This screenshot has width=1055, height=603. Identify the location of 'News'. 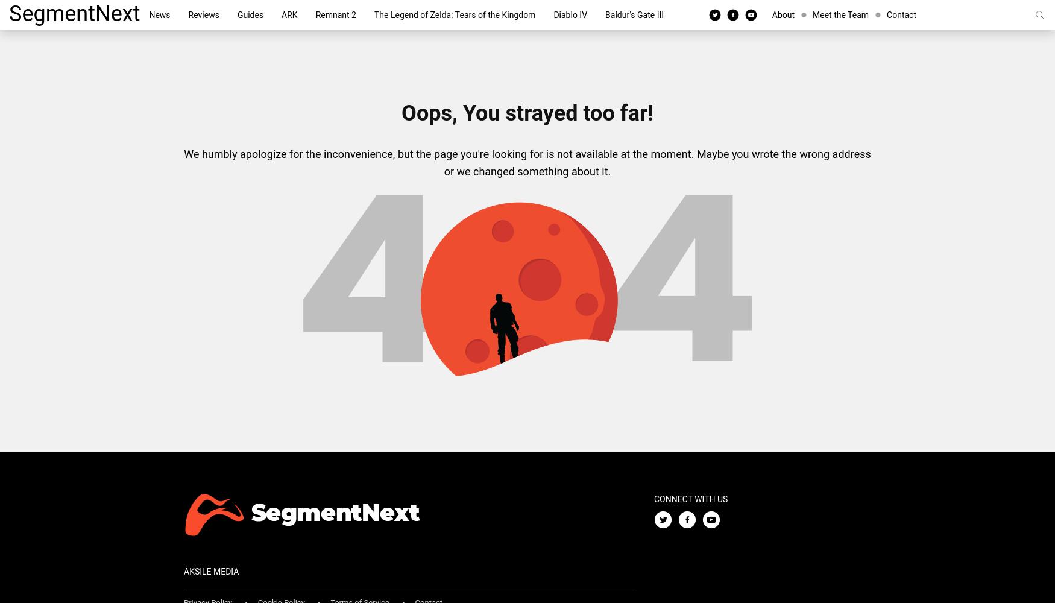
(159, 15).